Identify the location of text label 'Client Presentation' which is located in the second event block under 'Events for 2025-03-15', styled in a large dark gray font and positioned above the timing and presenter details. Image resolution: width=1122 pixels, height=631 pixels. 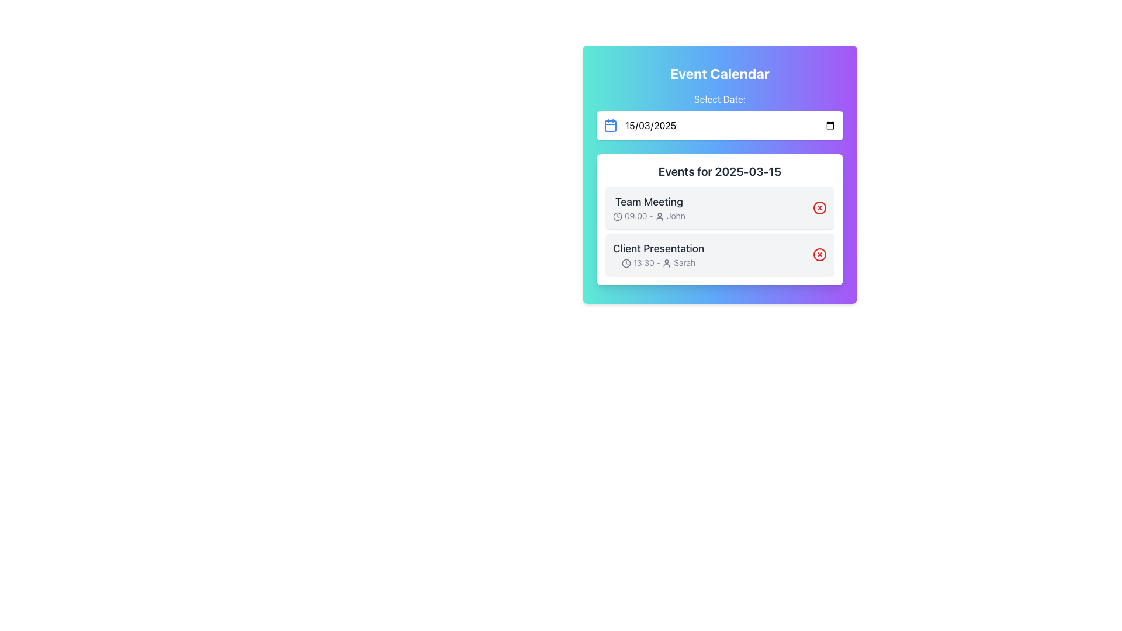
(659, 248).